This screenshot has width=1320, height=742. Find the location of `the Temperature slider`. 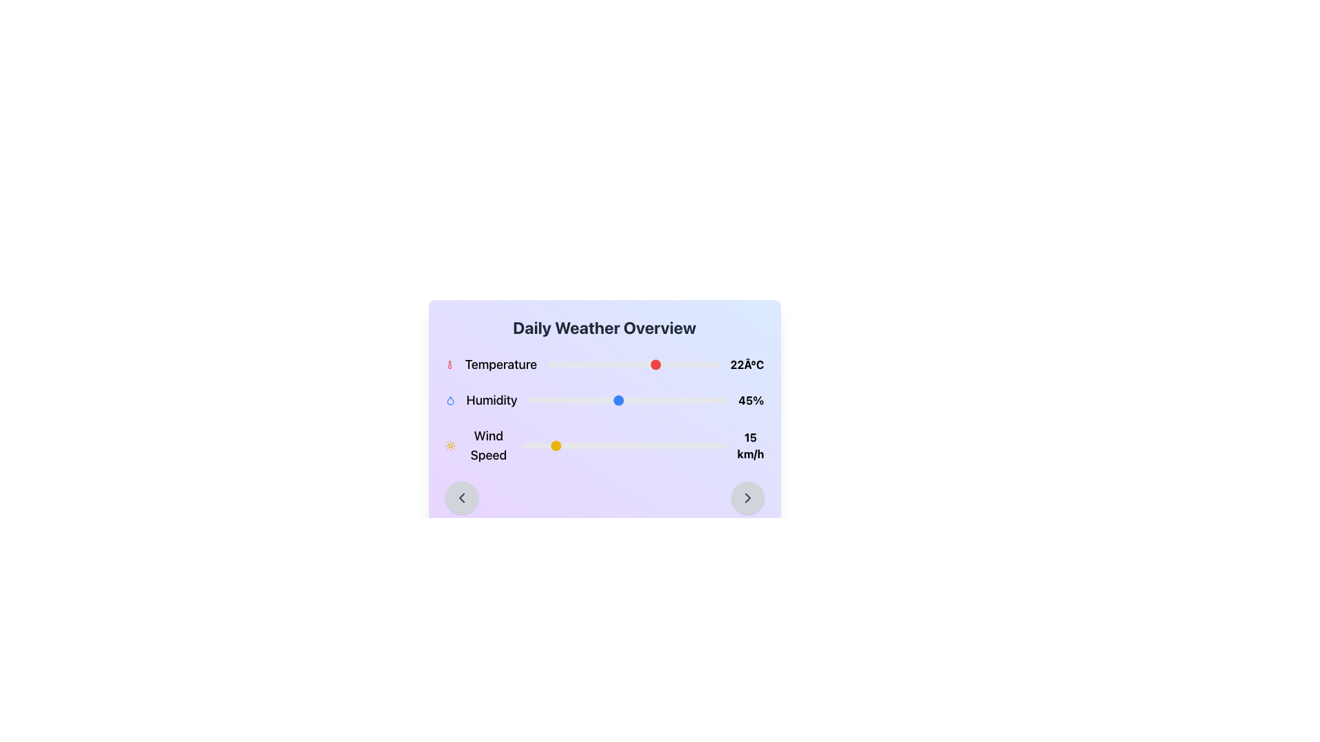

the Temperature slider is located at coordinates (685, 364).